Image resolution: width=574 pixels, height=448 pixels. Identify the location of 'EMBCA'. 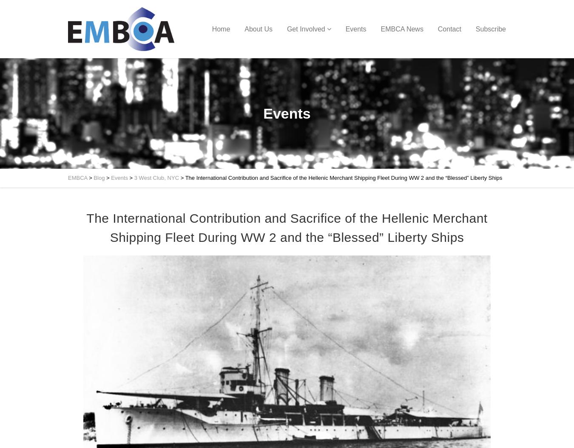
(77, 177).